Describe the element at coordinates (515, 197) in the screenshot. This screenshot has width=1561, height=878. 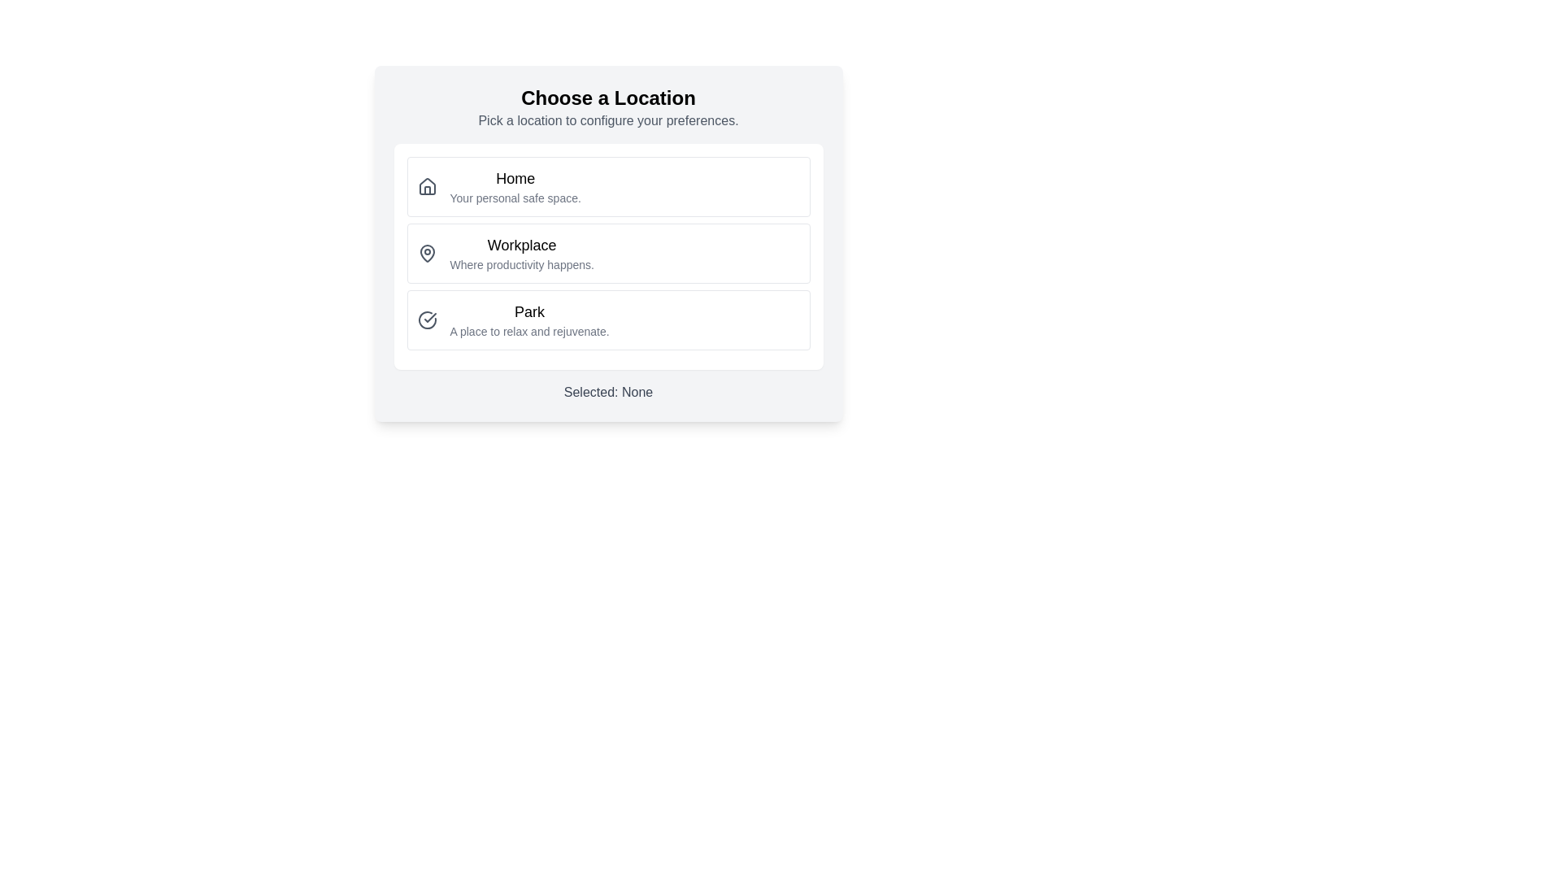
I see `the static text element that reads 'Your personal safe space.' located directly below 'Home'` at that location.